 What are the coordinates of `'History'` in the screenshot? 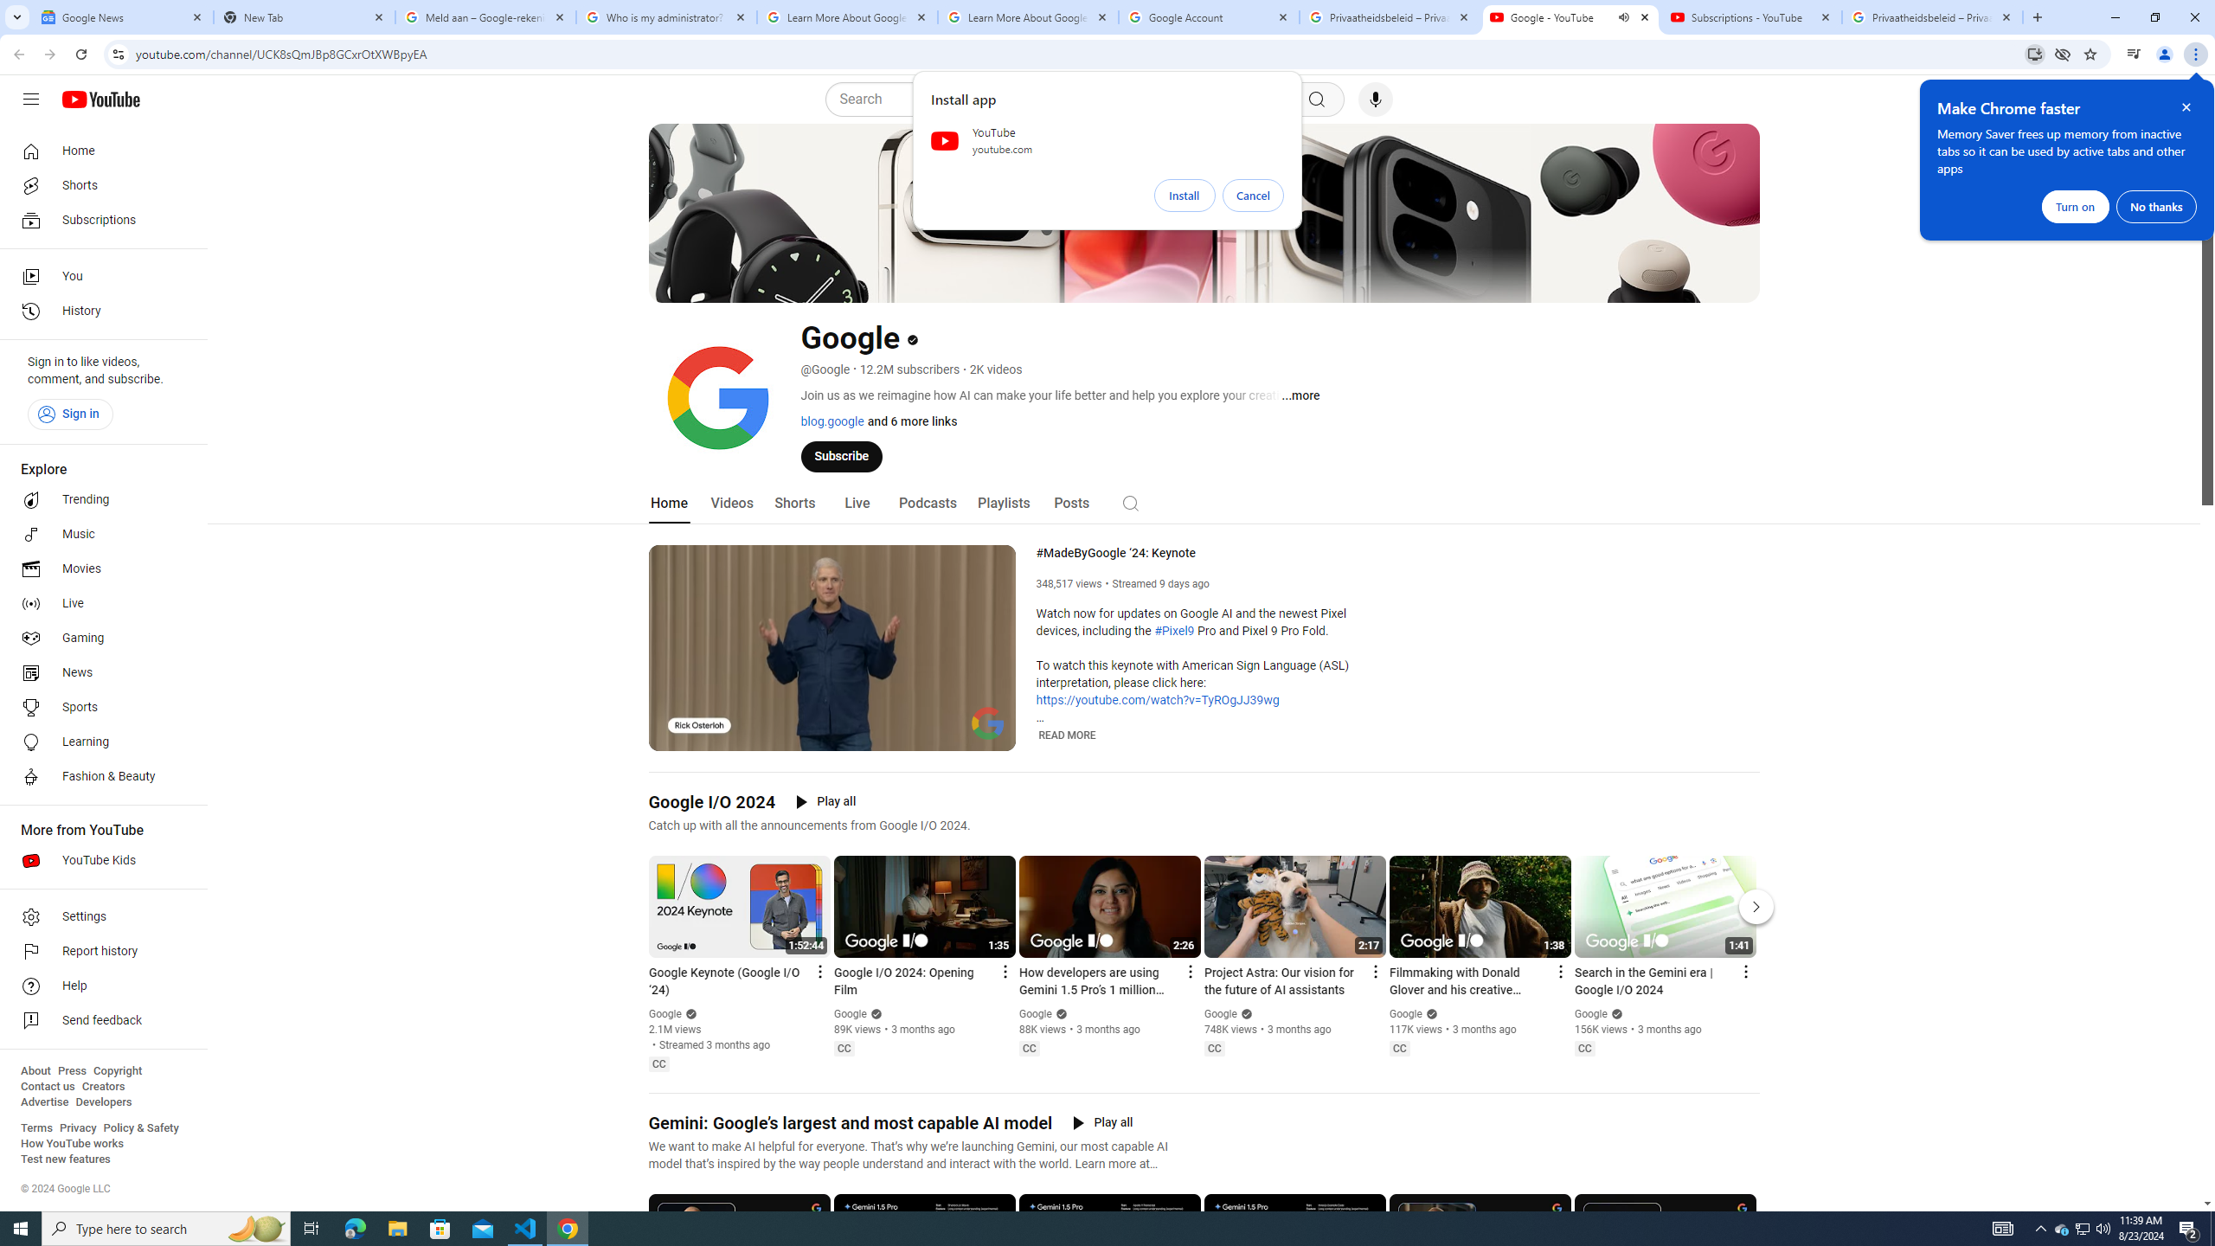 It's located at (98, 311).